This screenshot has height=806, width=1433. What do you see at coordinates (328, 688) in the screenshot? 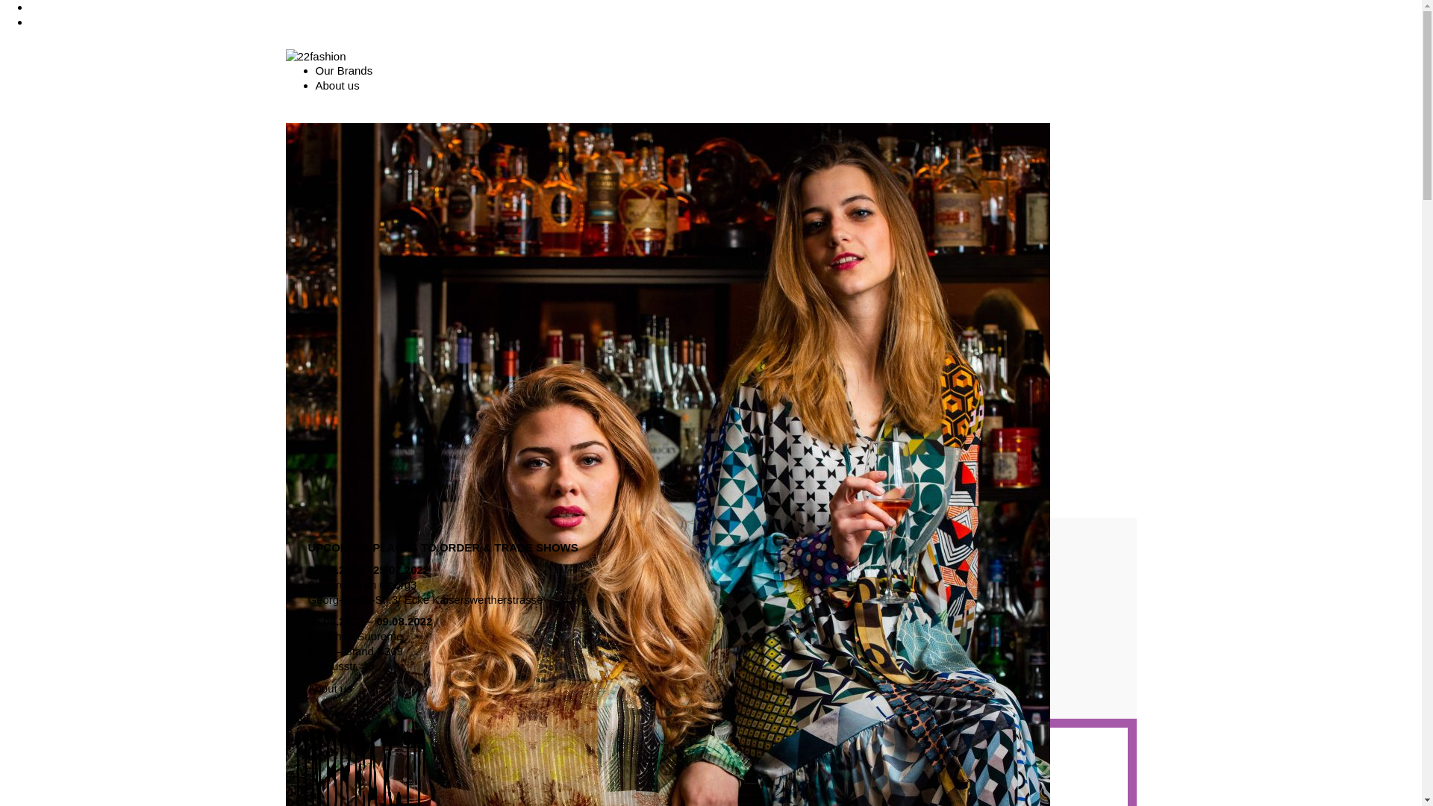
I see `'About us'` at bounding box center [328, 688].